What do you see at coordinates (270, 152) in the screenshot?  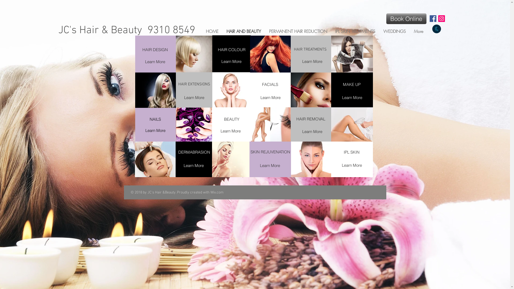 I see `'SKIN REJUVENATION'` at bounding box center [270, 152].